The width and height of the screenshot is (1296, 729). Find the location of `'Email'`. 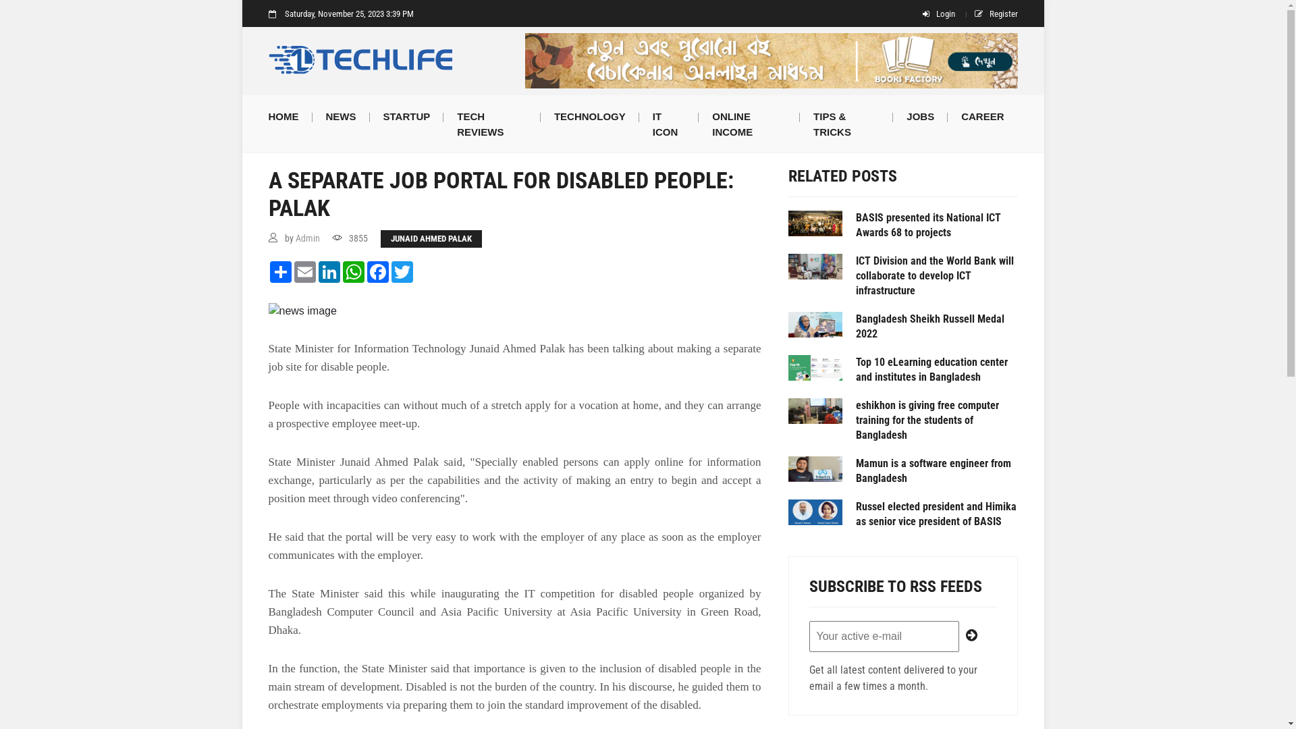

'Email' is located at coordinates (304, 271).